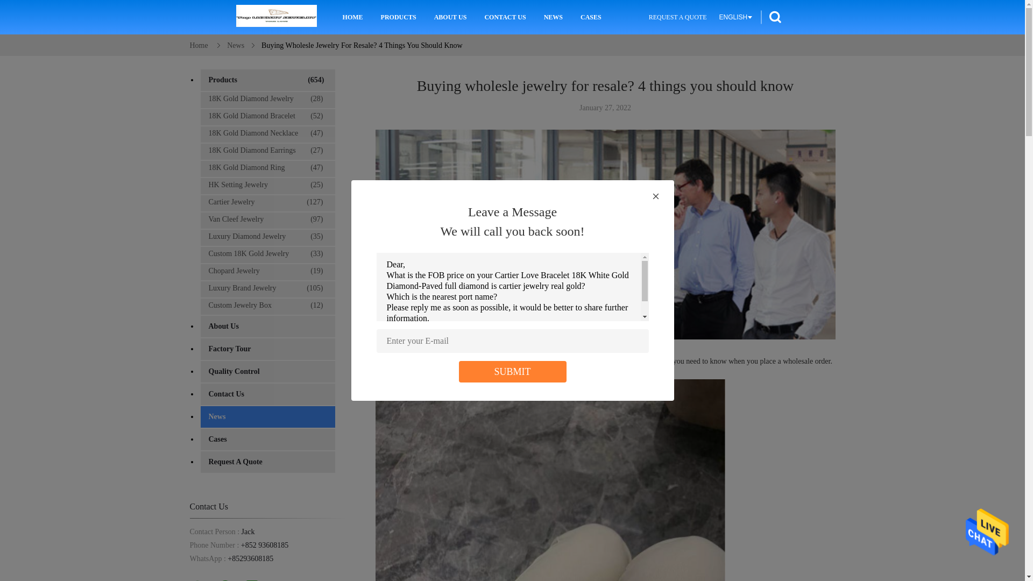  I want to click on 'PRODUCTS', so click(398, 17).